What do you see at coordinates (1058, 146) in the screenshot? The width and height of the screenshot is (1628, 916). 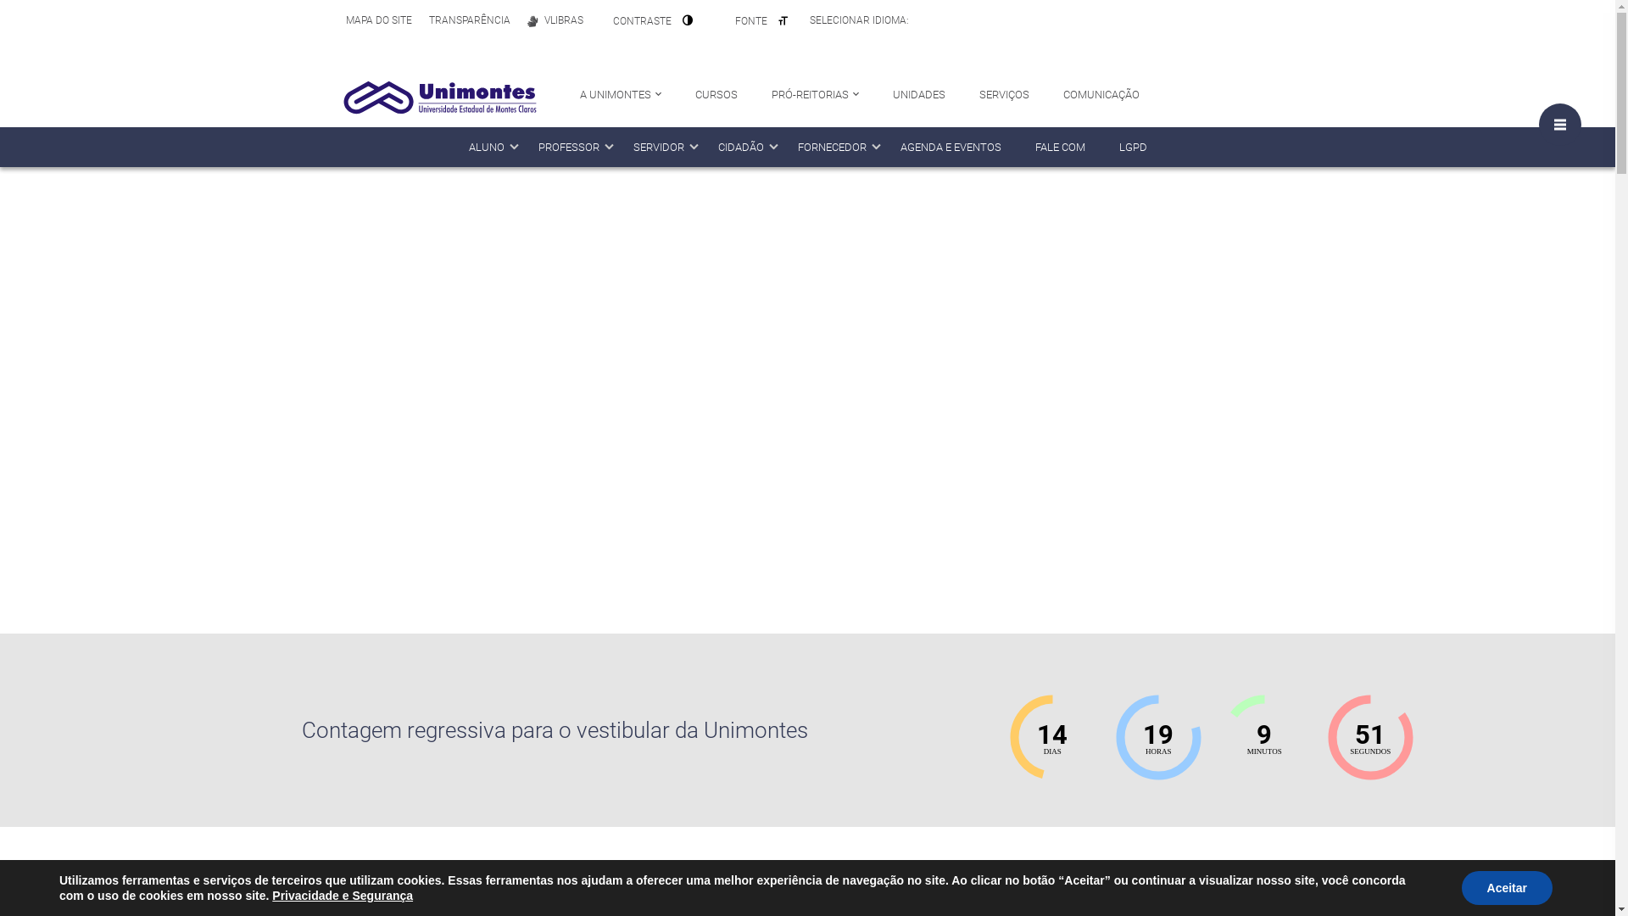 I see `'FALE COM'` at bounding box center [1058, 146].